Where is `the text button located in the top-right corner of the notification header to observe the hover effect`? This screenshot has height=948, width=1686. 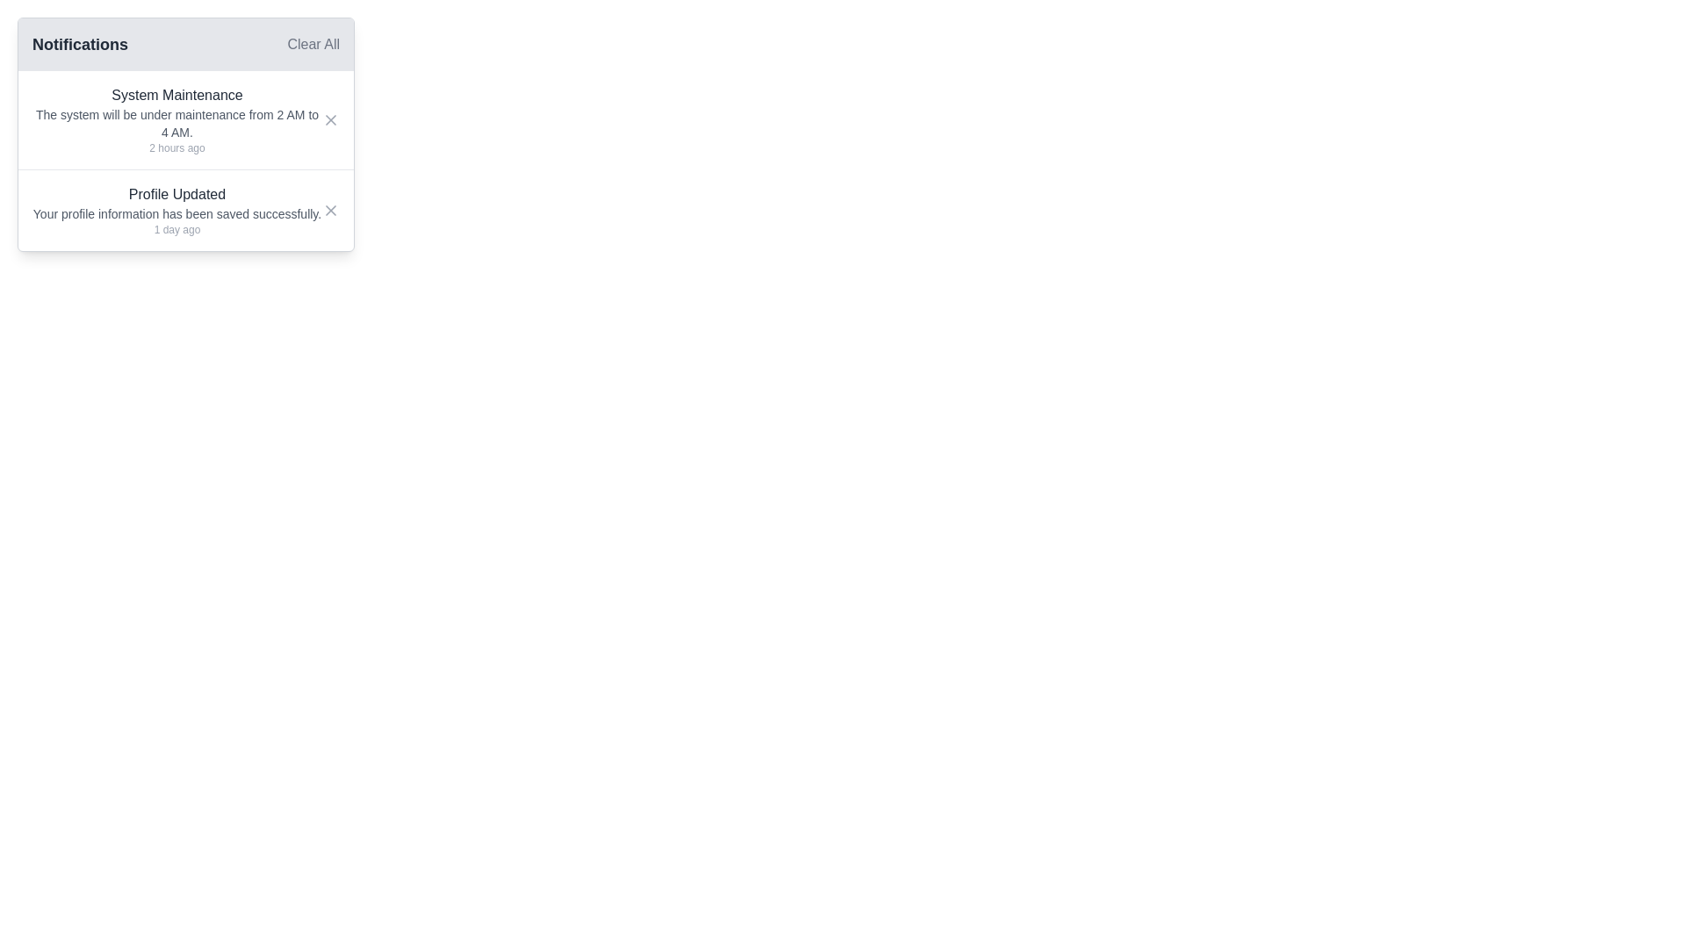
the text button located in the top-right corner of the notification header to observe the hover effect is located at coordinates (313, 43).